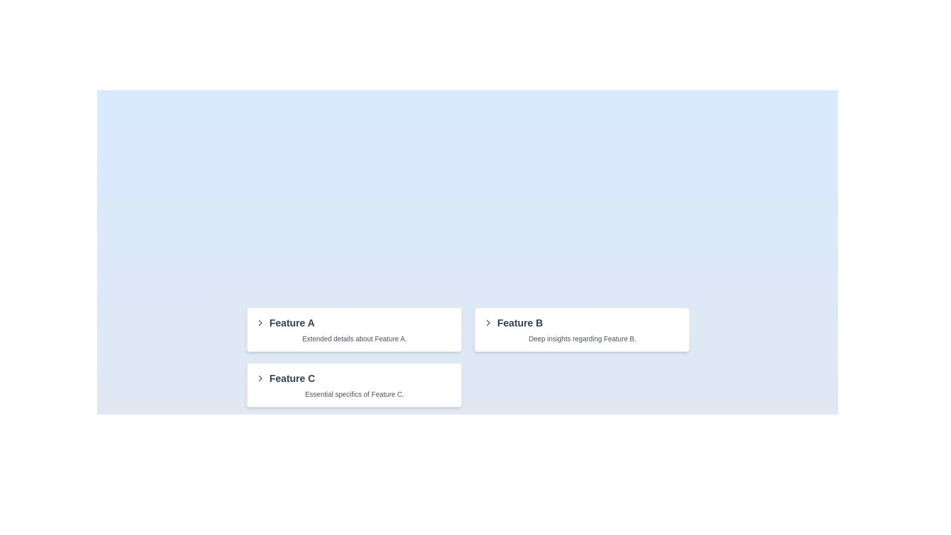 This screenshot has width=951, height=535. I want to click on the Chevron Arrow icon located in the rightmost card labeled 'Feature B', which indicates additional content or actions related to this feature, so click(488, 322).